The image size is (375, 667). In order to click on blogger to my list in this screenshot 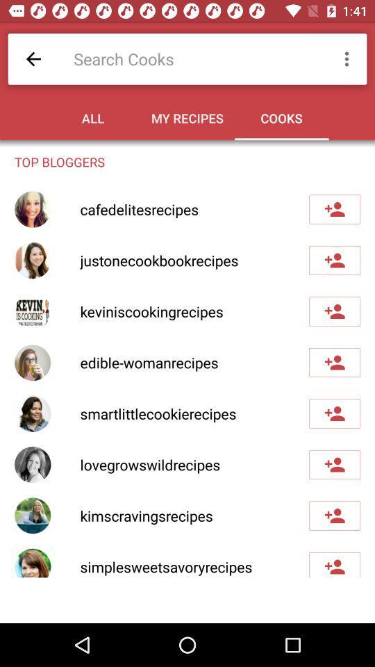, I will do `click(334, 361)`.